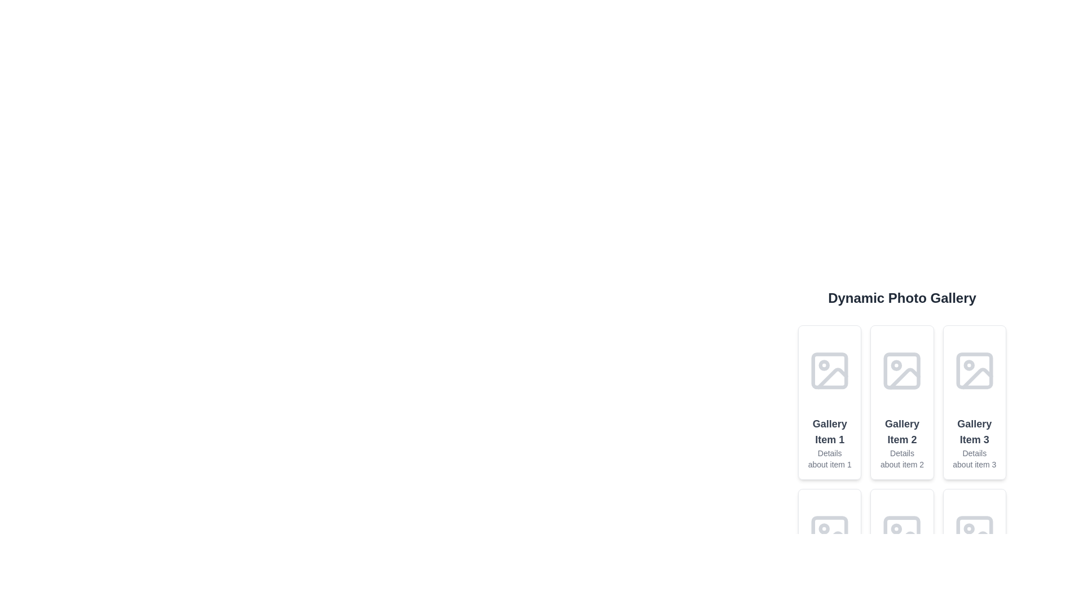  Describe the element at coordinates (974, 534) in the screenshot. I see `rectangular graphical element that serves as the background of an icon representing an image, located in the bottom-right card of the gallery grid` at that location.